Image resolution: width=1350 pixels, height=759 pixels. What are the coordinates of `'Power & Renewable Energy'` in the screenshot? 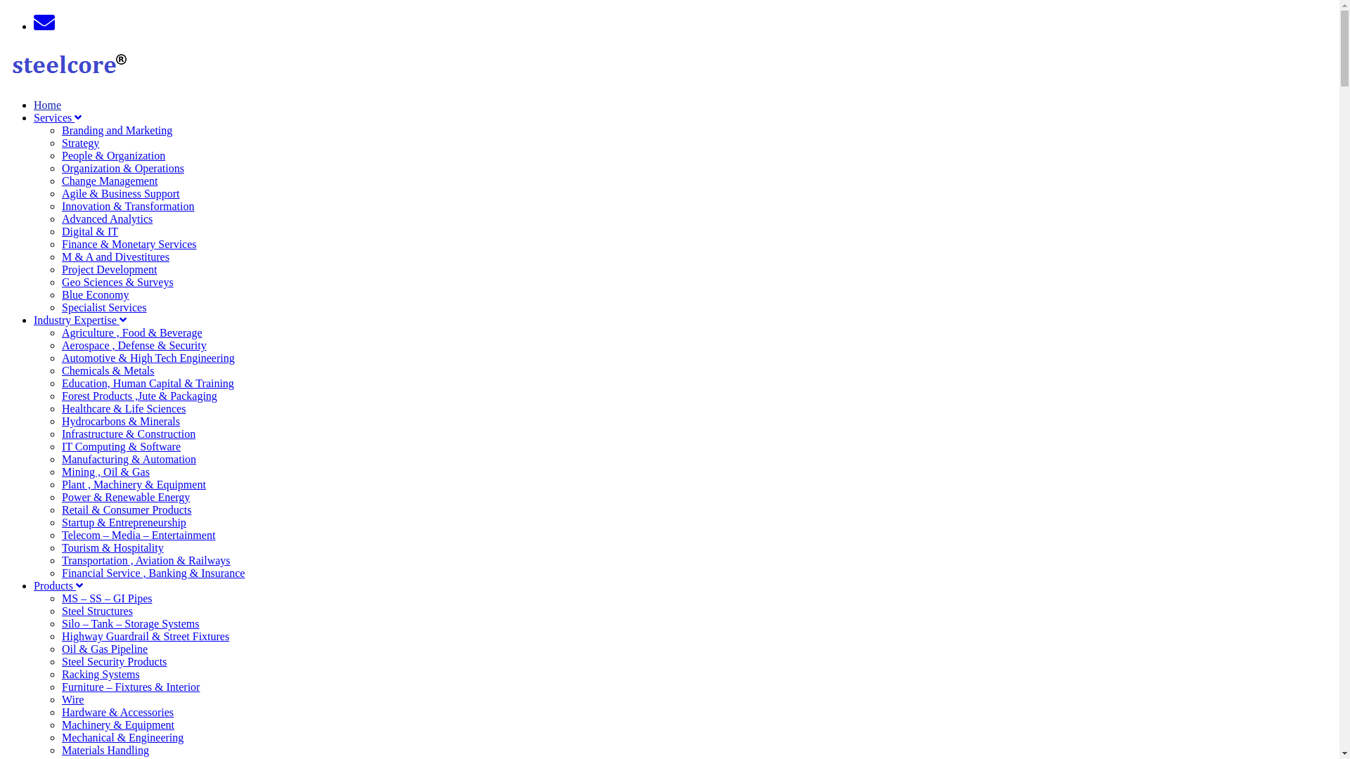 It's located at (125, 496).